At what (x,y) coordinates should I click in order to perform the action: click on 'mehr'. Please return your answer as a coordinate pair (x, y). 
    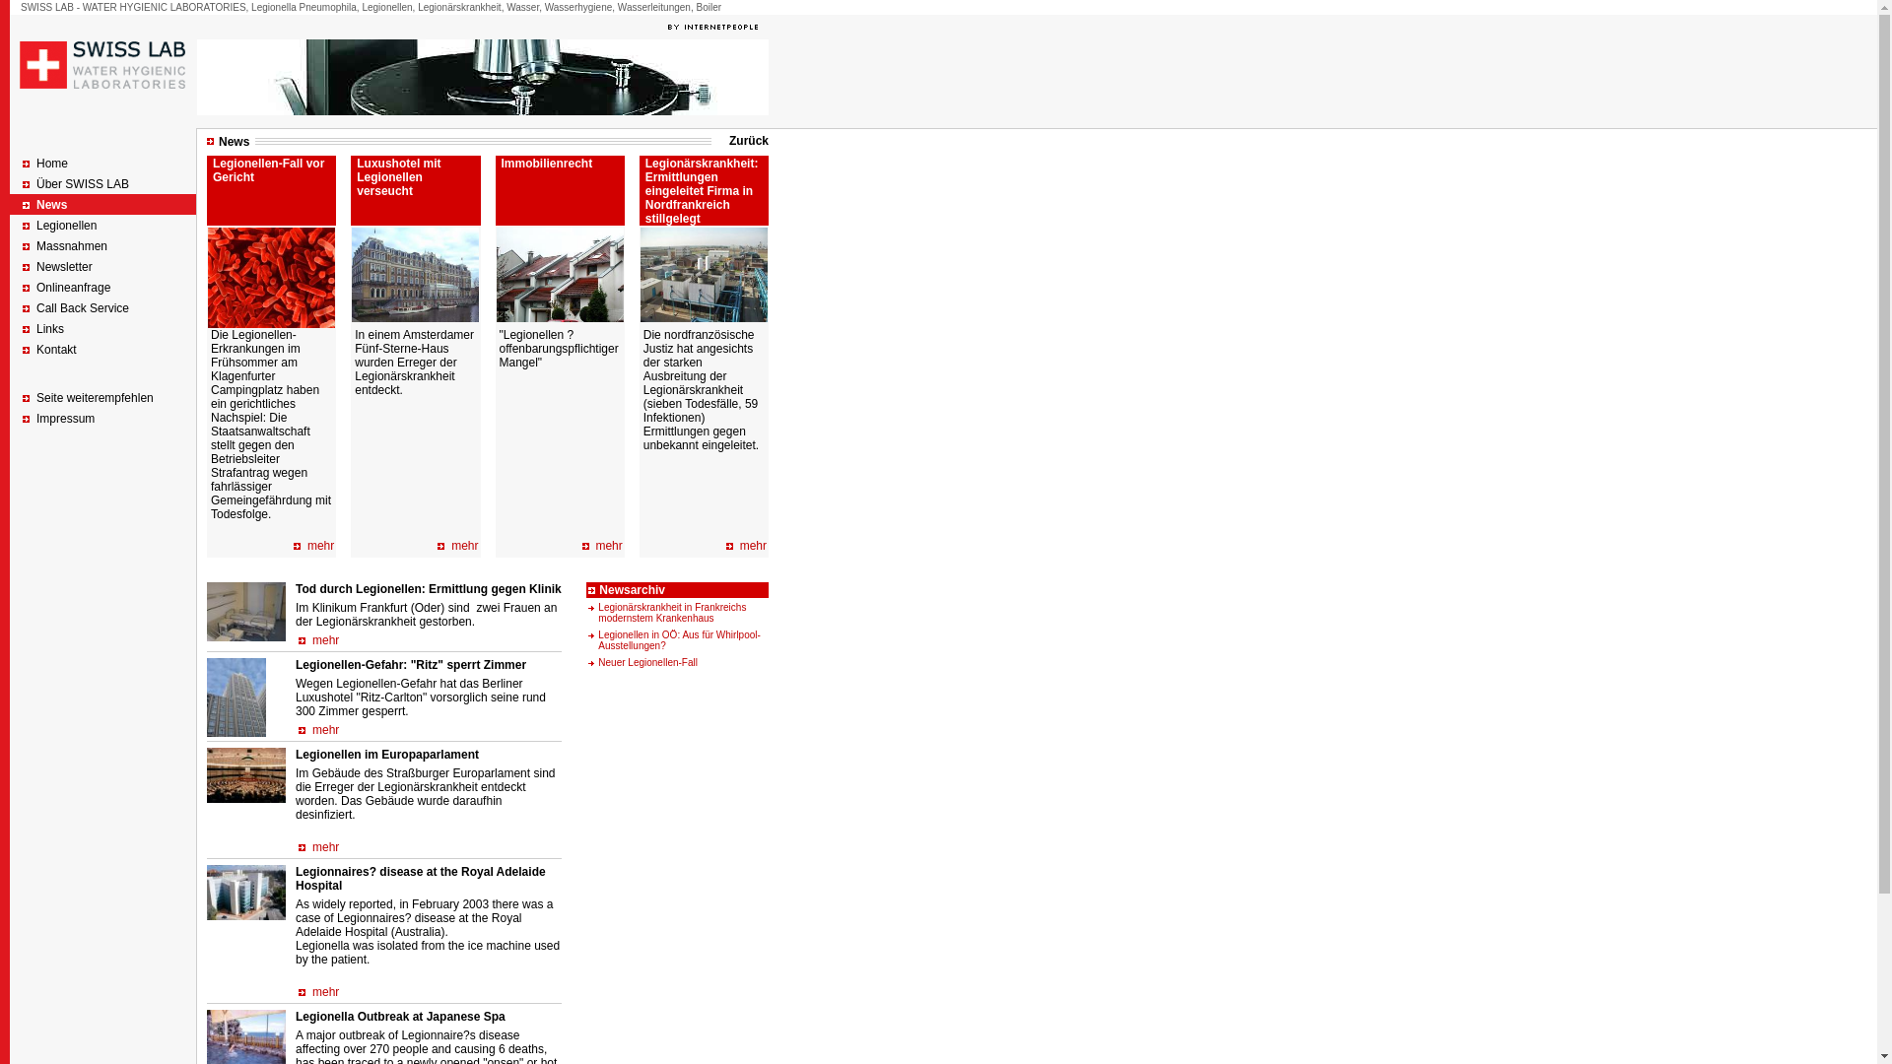
    Looking at the image, I should click on (752, 546).